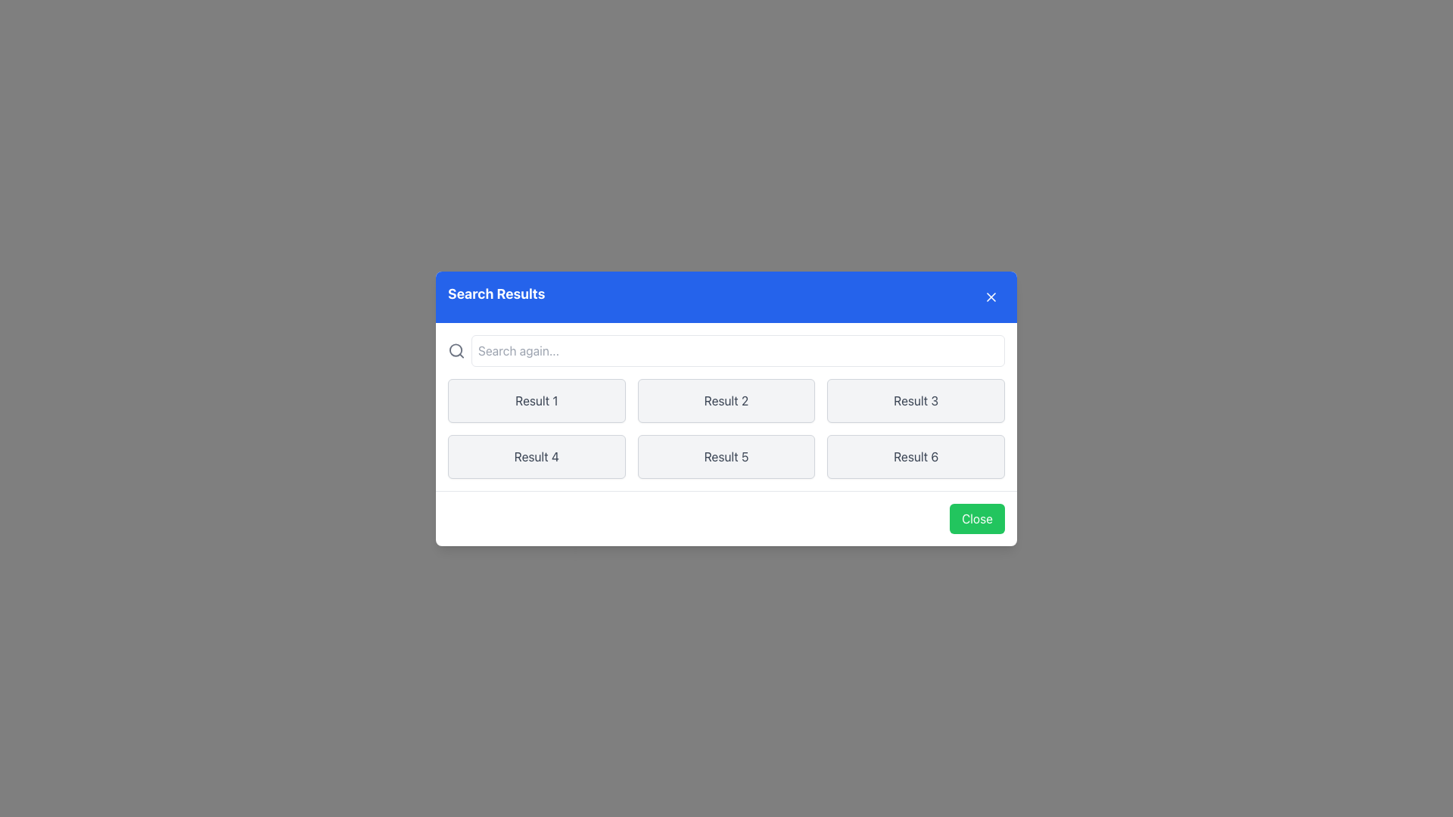 Image resolution: width=1453 pixels, height=817 pixels. Describe the element at coordinates (726, 399) in the screenshot. I see `the text label displaying 'Result 2' in gray font, located in the second column of the first row of a 2x3 grid layout within the blue-highlighted modal window titled 'Search Results'` at that location.